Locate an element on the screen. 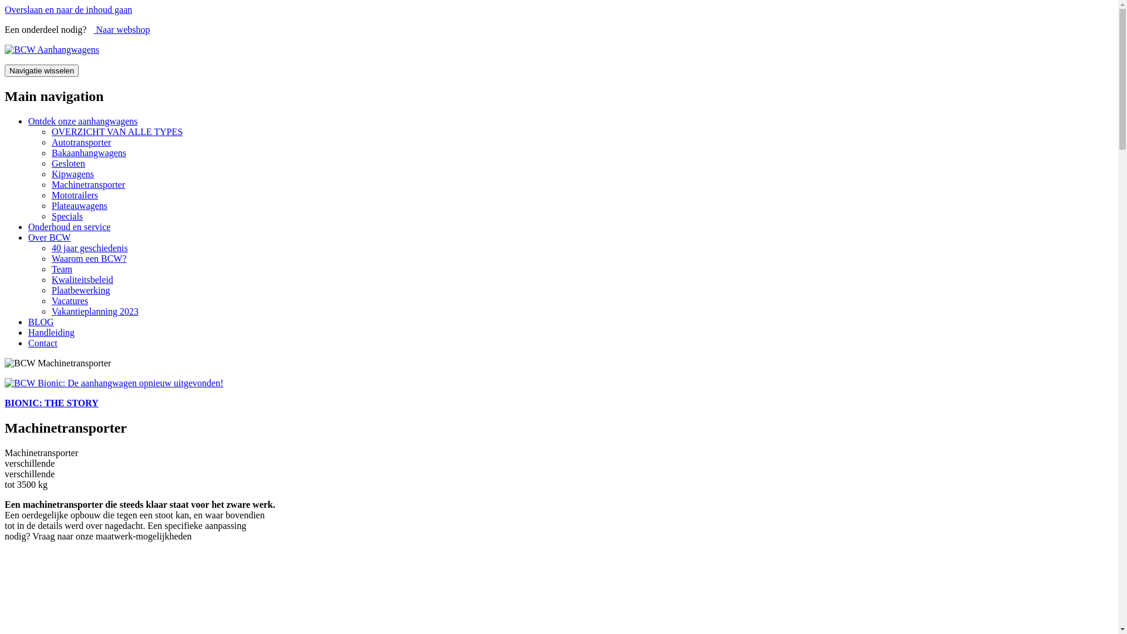 Image resolution: width=1127 pixels, height=634 pixels. 'Plaatbewerking' is located at coordinates (80, 290).